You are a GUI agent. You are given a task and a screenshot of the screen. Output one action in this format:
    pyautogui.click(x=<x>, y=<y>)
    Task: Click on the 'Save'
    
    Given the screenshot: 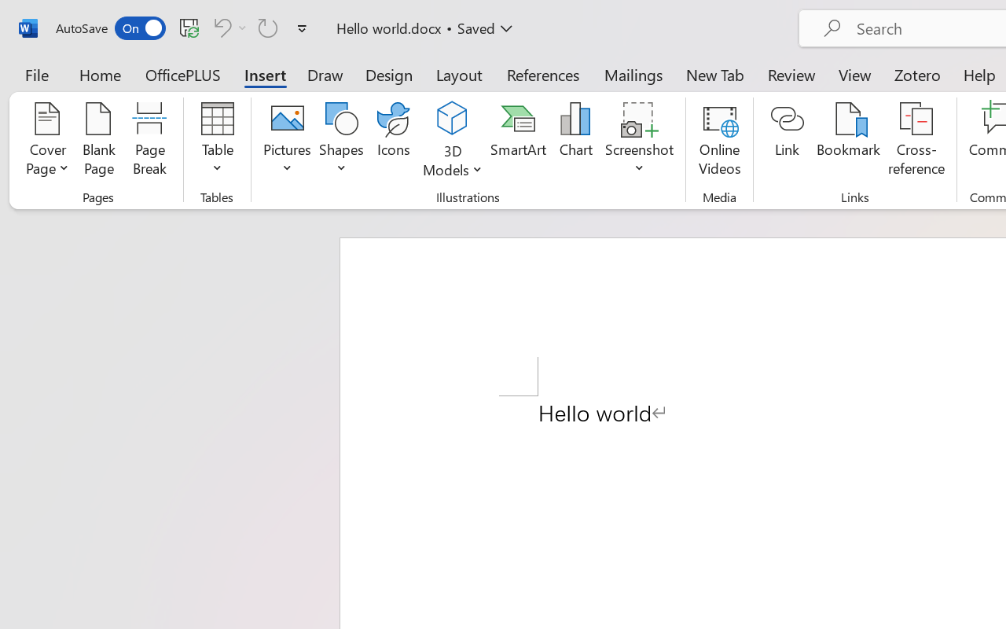 What is the action you would take?
    pyautogui.click(x=189, y=27)
    